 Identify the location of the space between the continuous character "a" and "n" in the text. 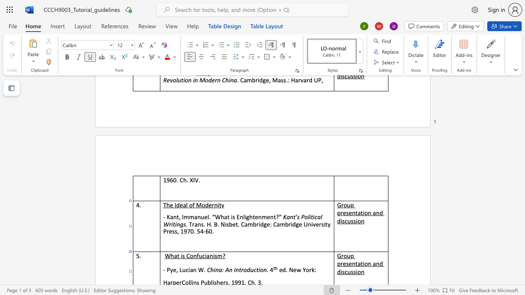
(193, 270).